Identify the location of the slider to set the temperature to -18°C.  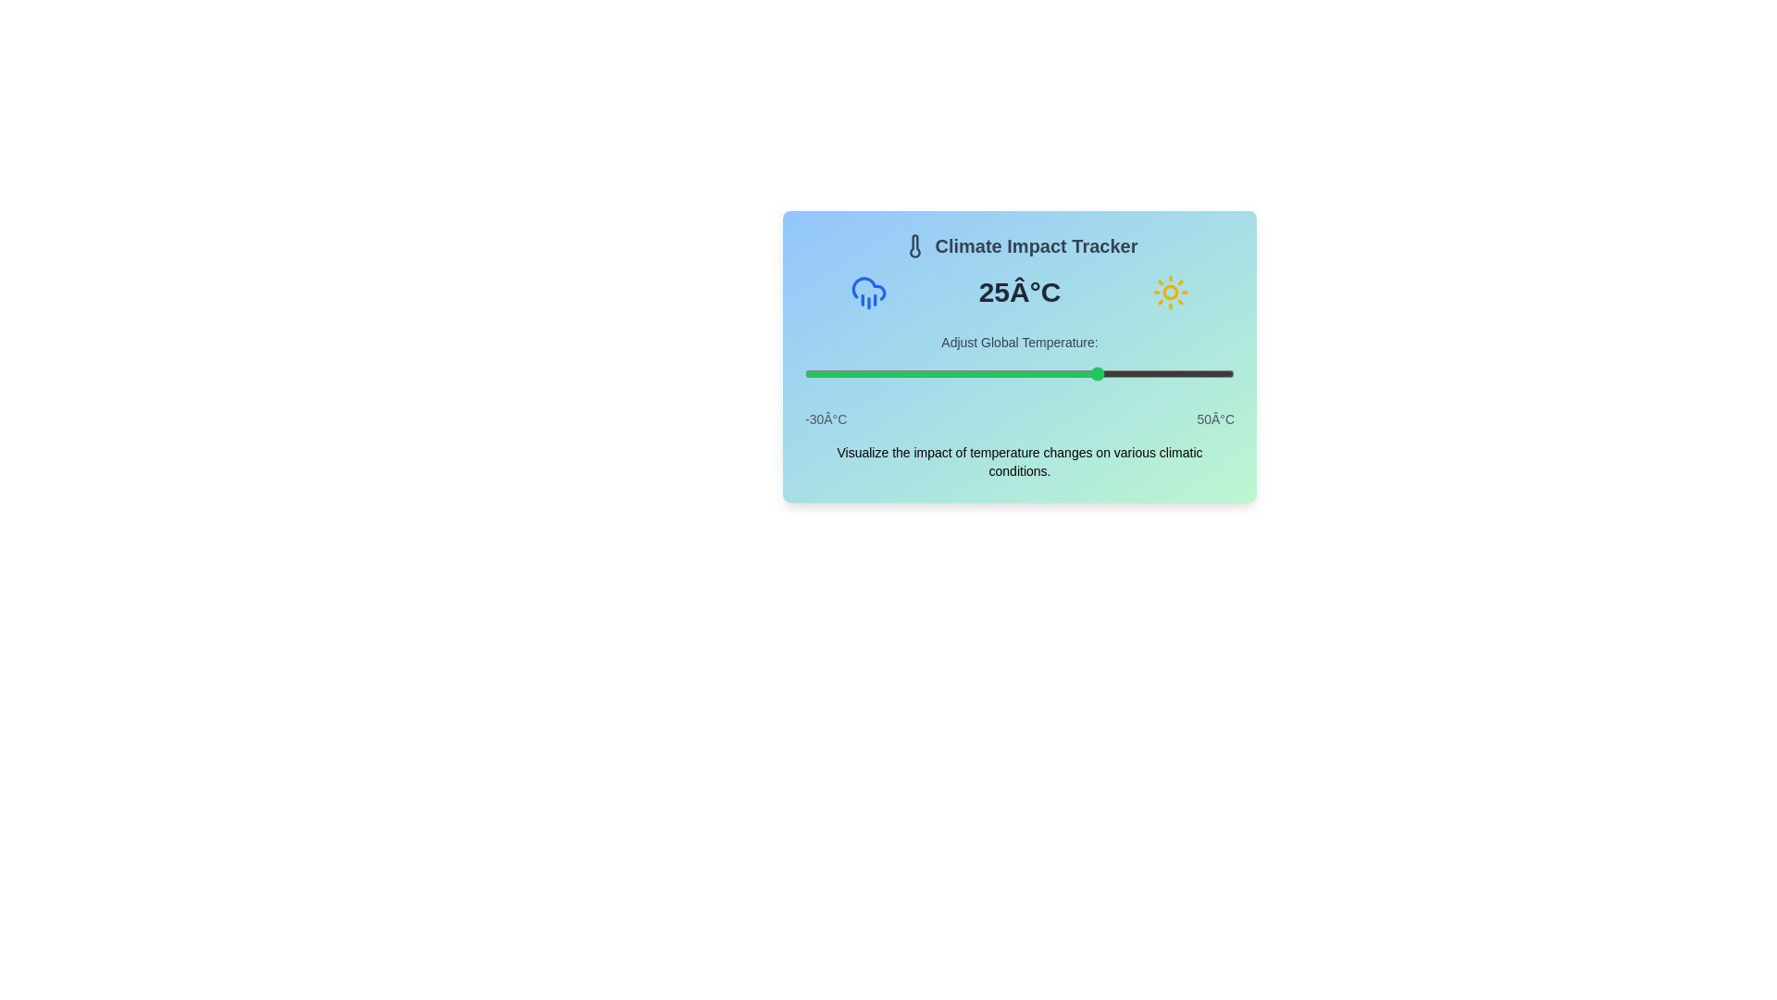
(868, 374).